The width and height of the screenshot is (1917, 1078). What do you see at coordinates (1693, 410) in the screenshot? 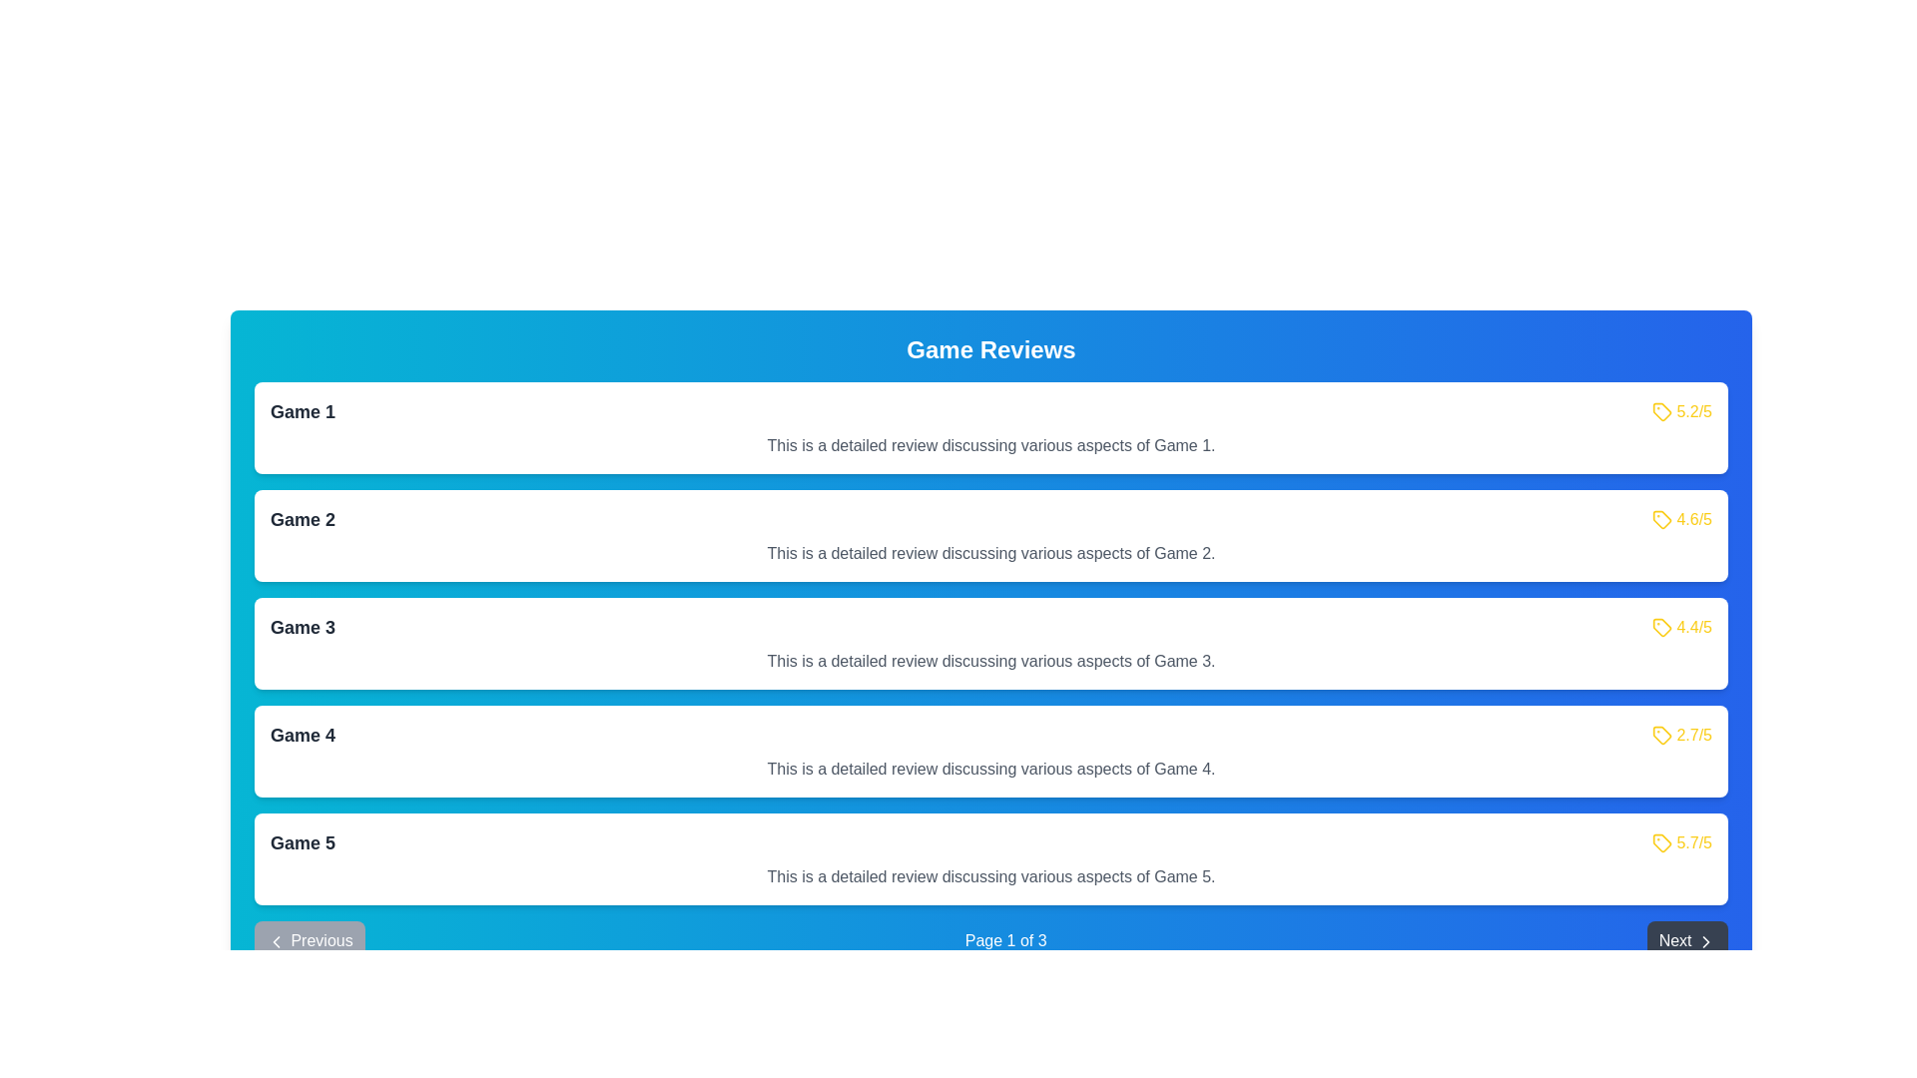
I see `displayed rating from the text label showing '5.2/5', which is styled in yellow and positioned to the right of a price tag icon in the topmost row of the review entries` at bounding box center [1693, 410].